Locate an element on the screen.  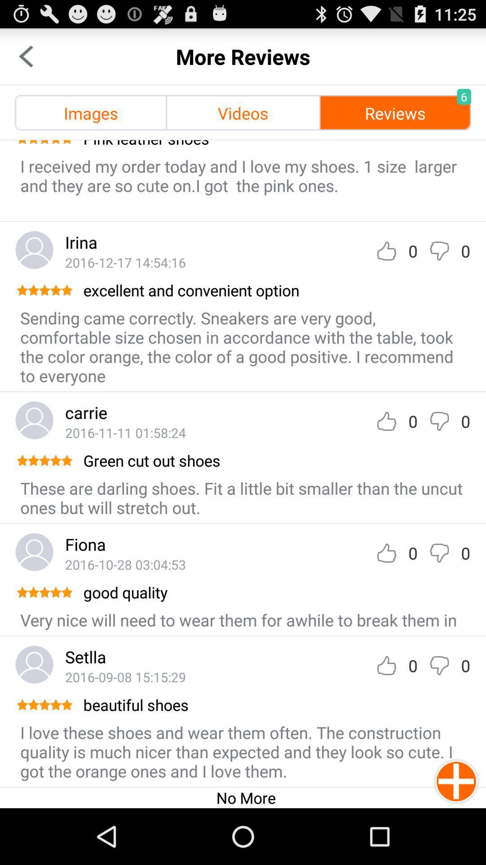
icon below the irina icon is located at coordinates (125, 262).